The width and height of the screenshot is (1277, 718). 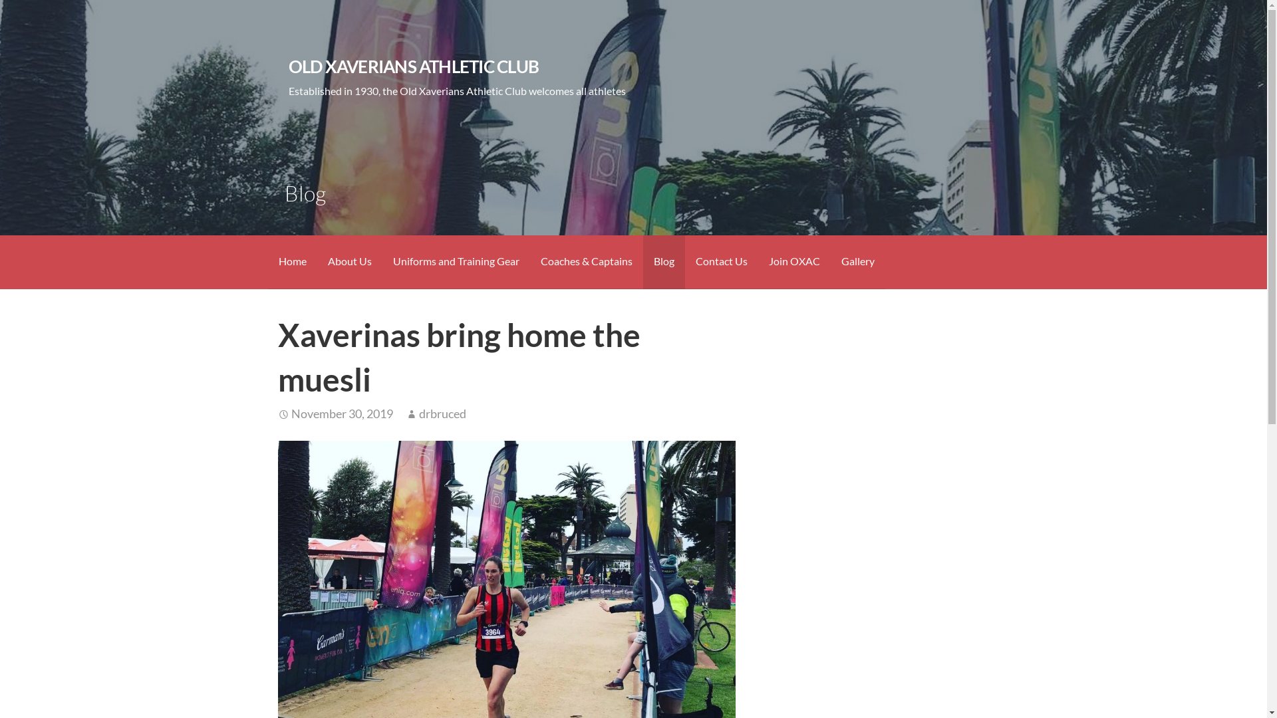 What do you see at coordinates (663, 262) in the screenshot?
I see `'Blog'` at bounding box center [663, 262].